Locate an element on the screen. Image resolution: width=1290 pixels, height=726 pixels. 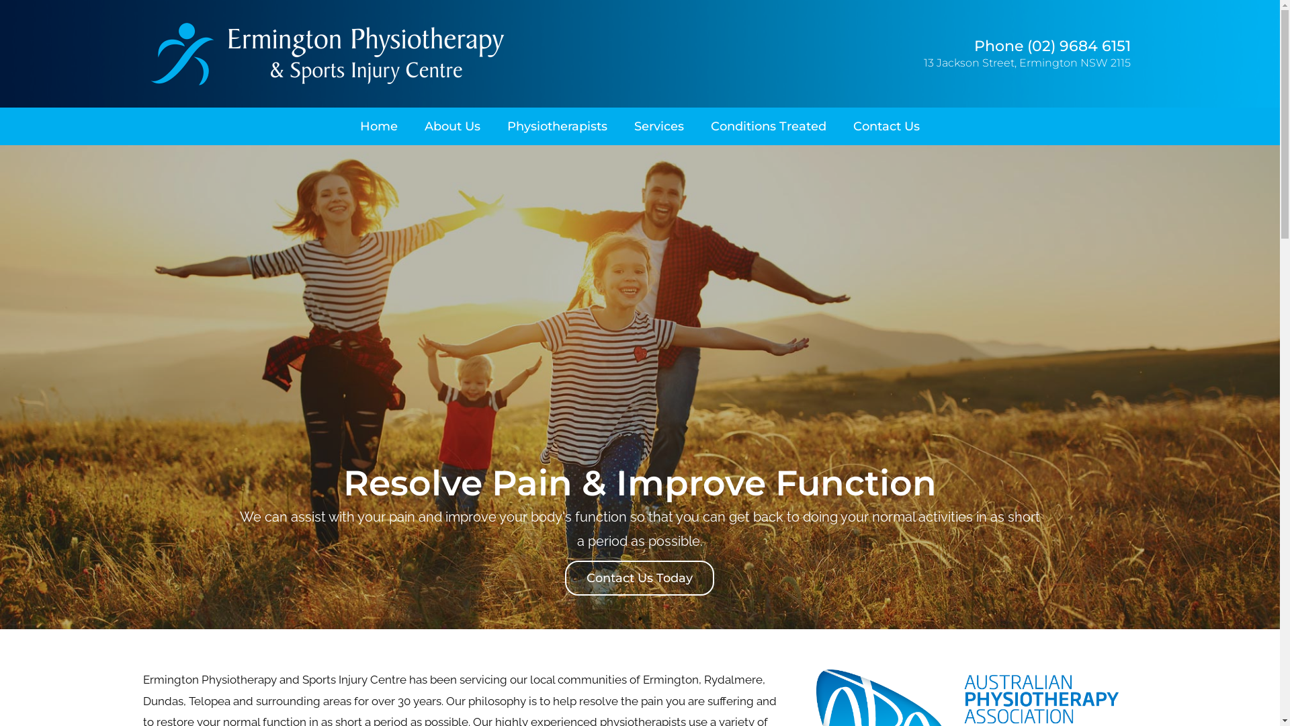
'Physiotherapists' is located at coordinates (557, 126).